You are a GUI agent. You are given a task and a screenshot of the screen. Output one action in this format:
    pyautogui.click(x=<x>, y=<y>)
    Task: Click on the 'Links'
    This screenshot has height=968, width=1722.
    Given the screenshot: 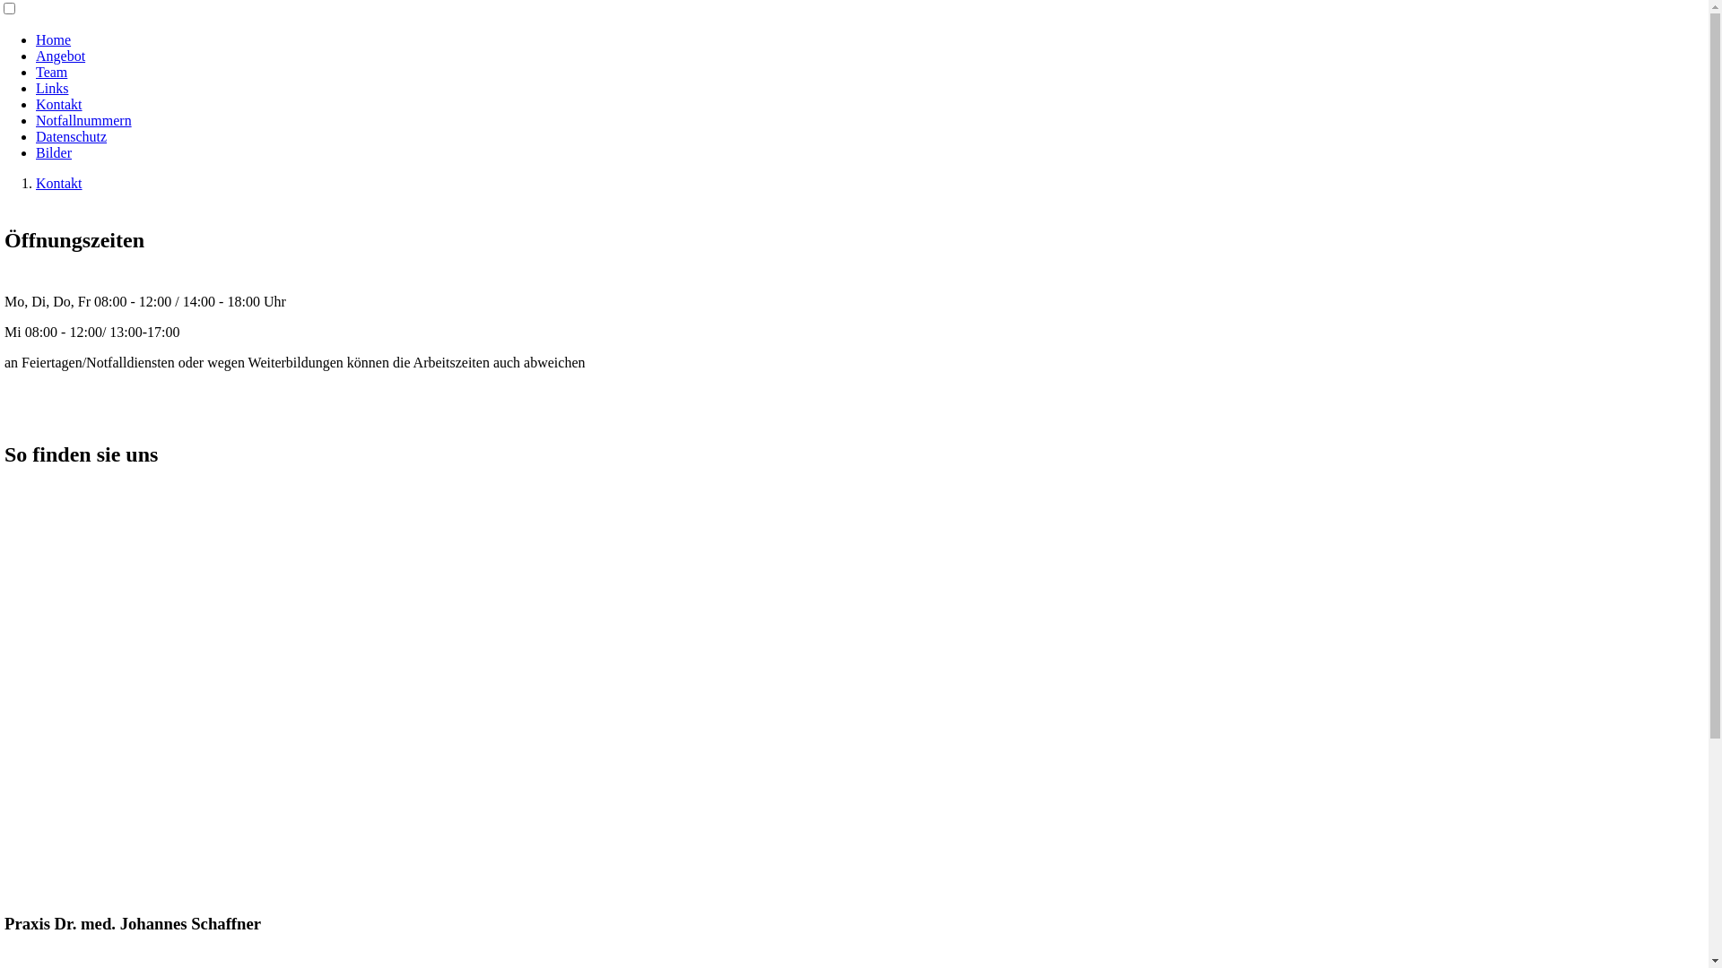 What is the action you would take?
    pyautogui.click(x=35, y=88)
    